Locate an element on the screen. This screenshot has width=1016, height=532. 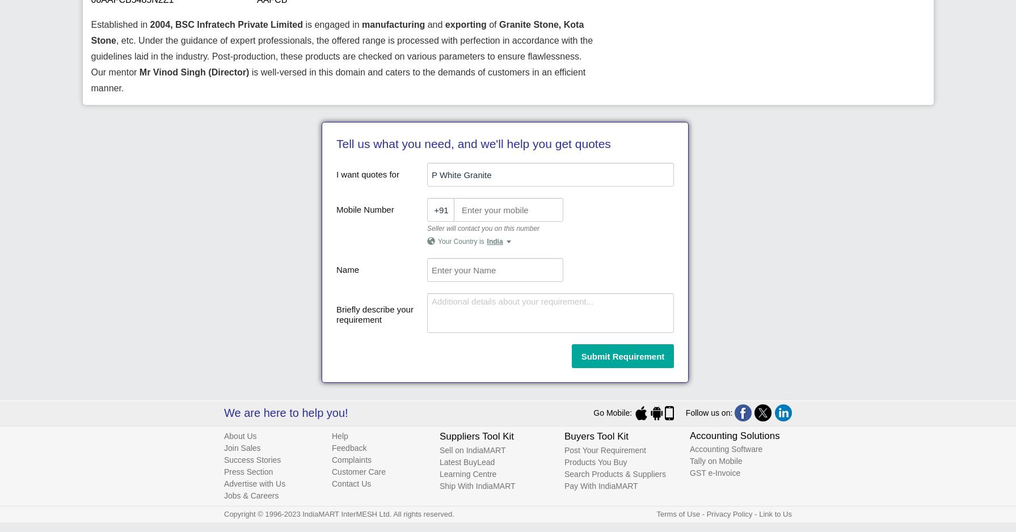
'Mr Vinod Singh (Director)' is located at coordinates (194, 71).